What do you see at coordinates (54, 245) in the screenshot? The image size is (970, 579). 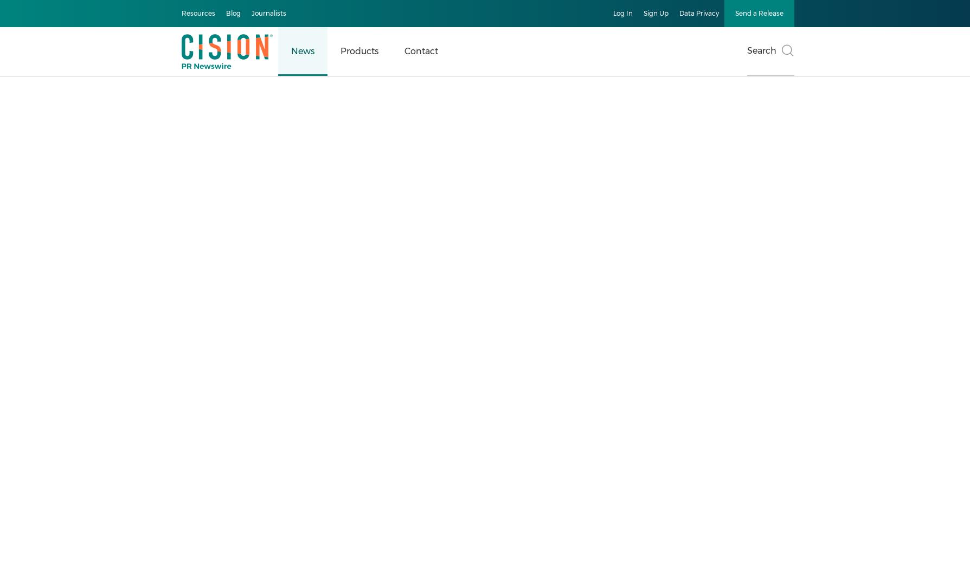 I see `'Business & Money'` at bounding box center [54, 245].